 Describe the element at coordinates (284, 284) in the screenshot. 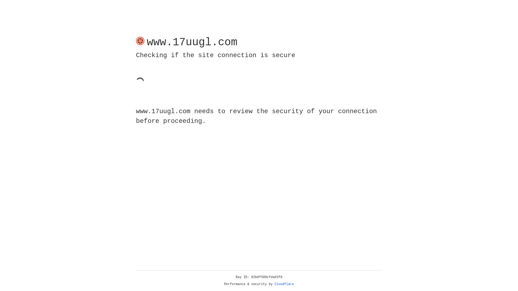

I see `'Cloudflare'` at that location.